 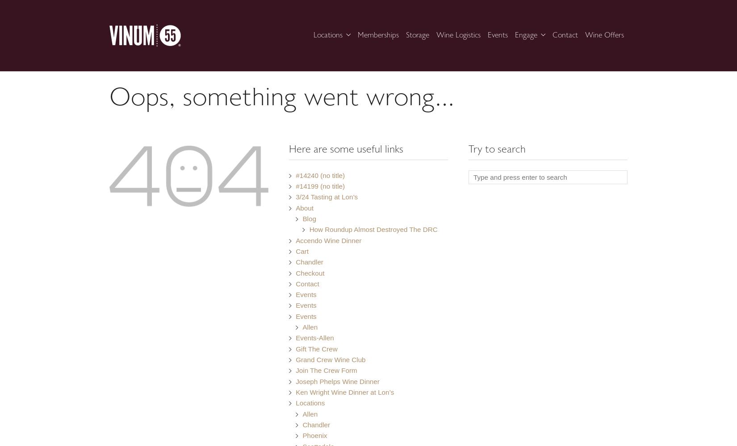 What do you see at coordinates (373, 229) in the screenshot?
I see `'How Roundup Almost Destroyed The DRC'` at bounding box center [373, 229].